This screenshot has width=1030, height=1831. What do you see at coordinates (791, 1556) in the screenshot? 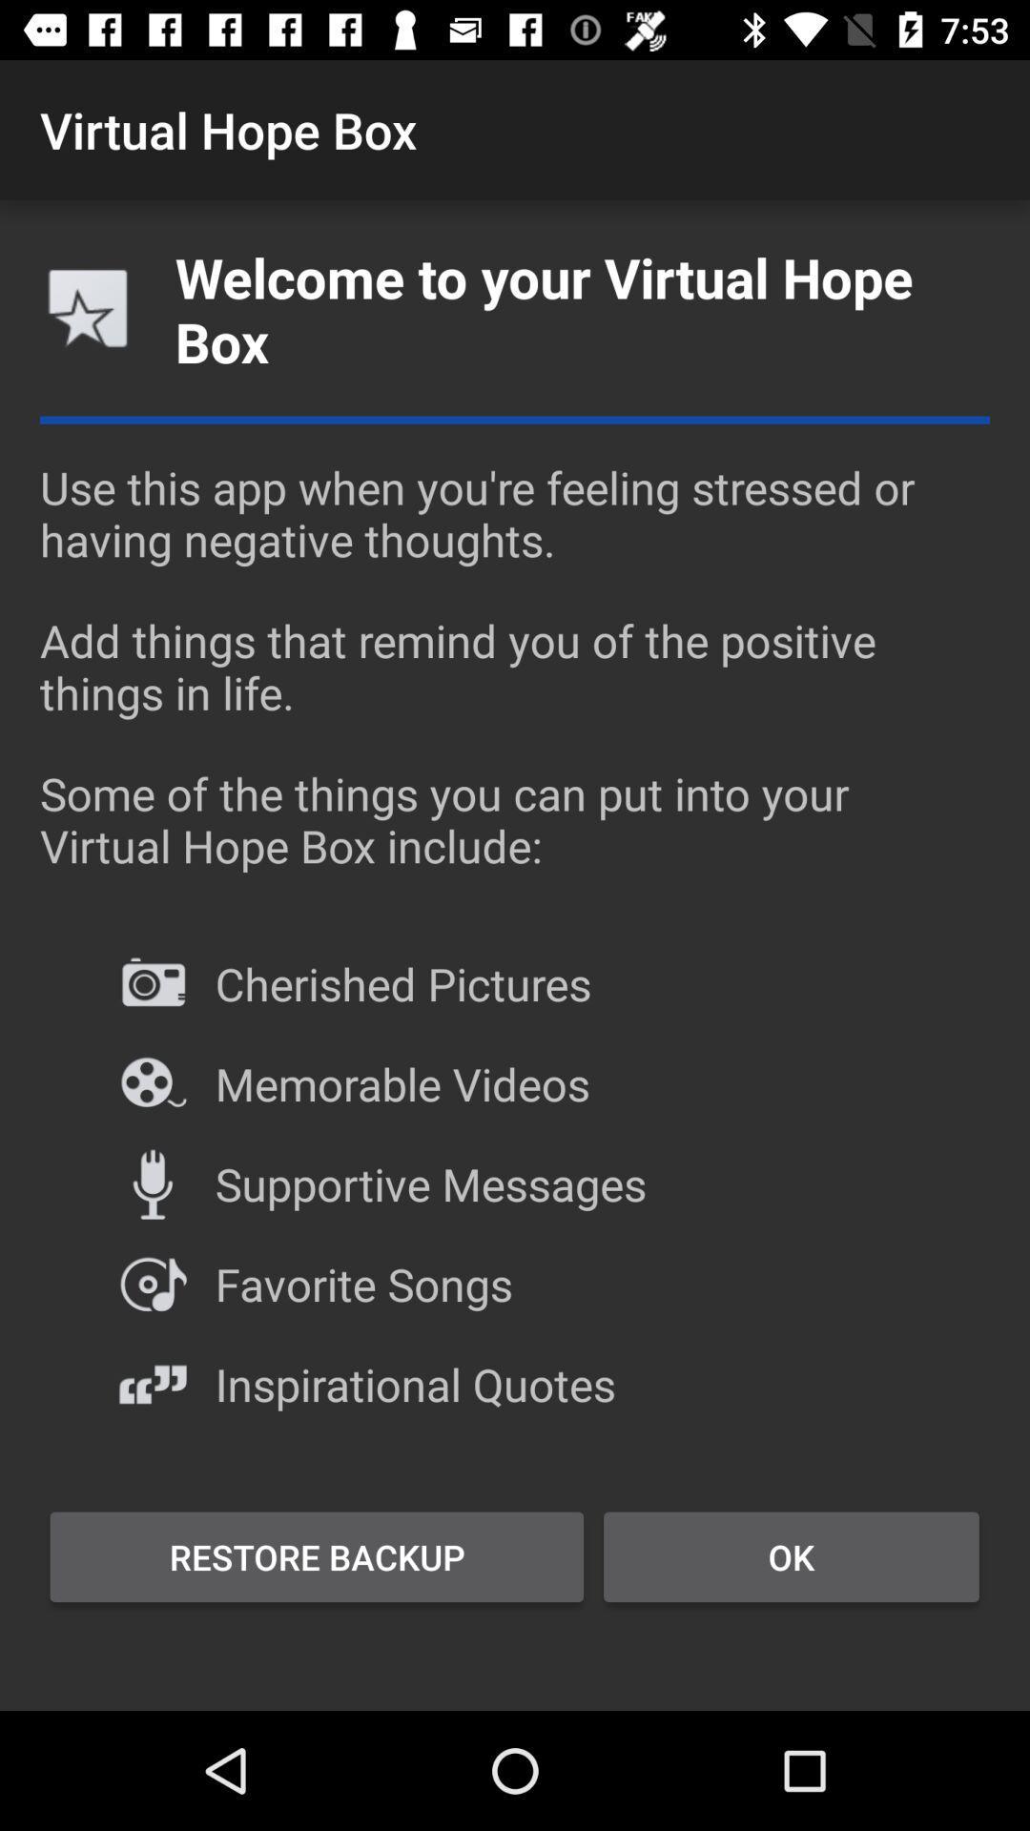
I see `the item to the right of restore backup` at bounding box center [791, 1556].